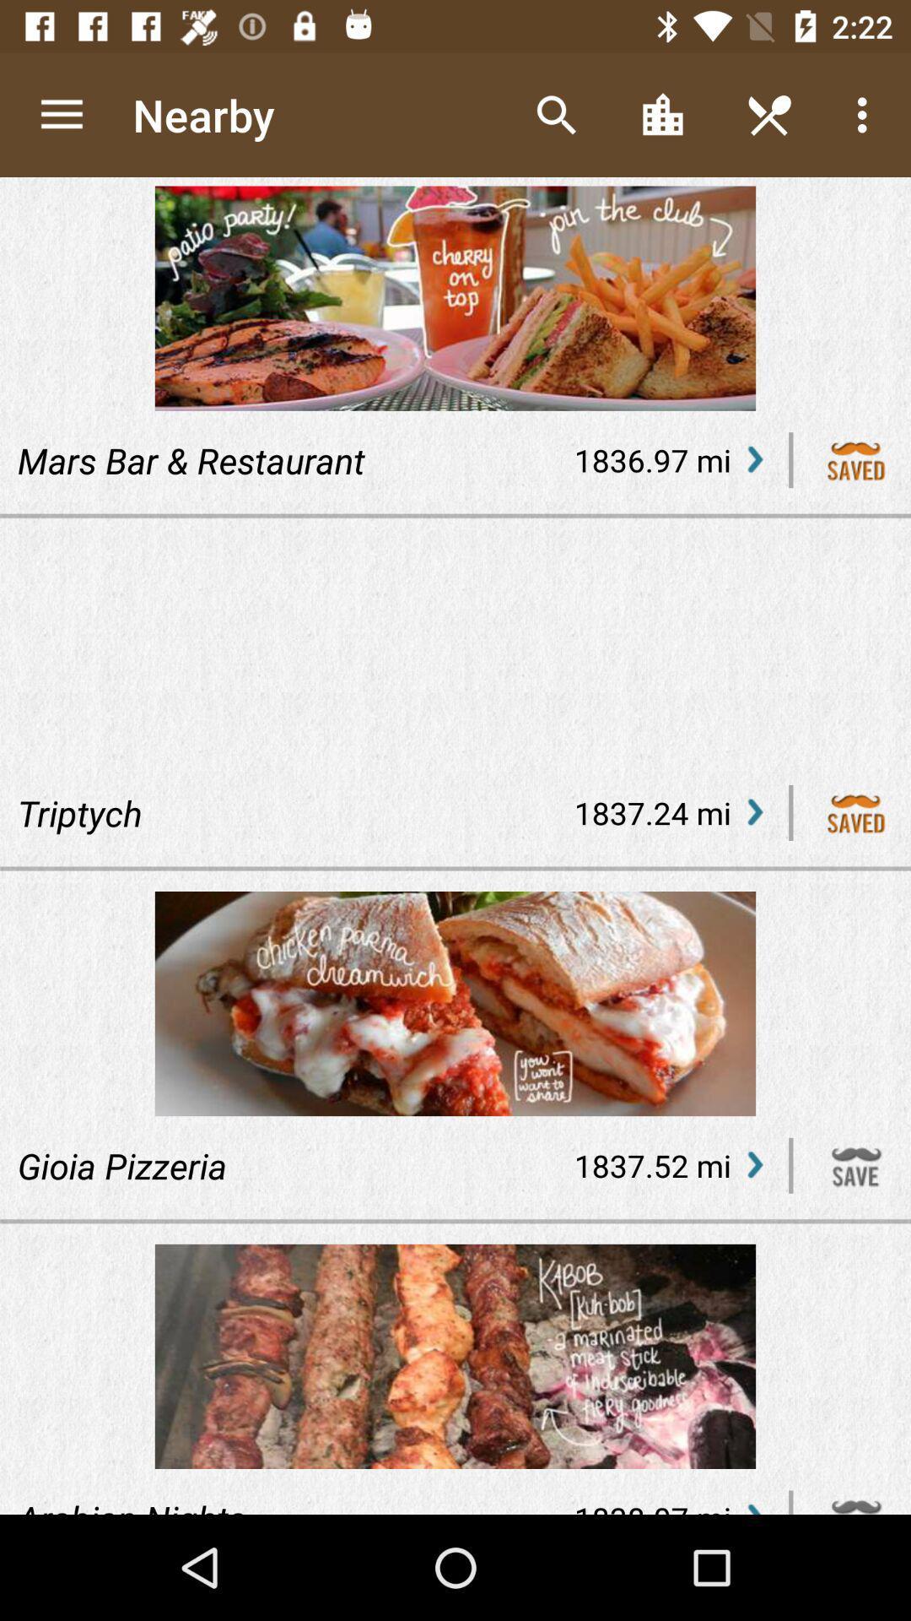 The height and width of the screenshot is (1621, 911). What do you see at coordinates (856, 1164) in the screenshot?
I see `the website` at bounding box center [856, 1164].